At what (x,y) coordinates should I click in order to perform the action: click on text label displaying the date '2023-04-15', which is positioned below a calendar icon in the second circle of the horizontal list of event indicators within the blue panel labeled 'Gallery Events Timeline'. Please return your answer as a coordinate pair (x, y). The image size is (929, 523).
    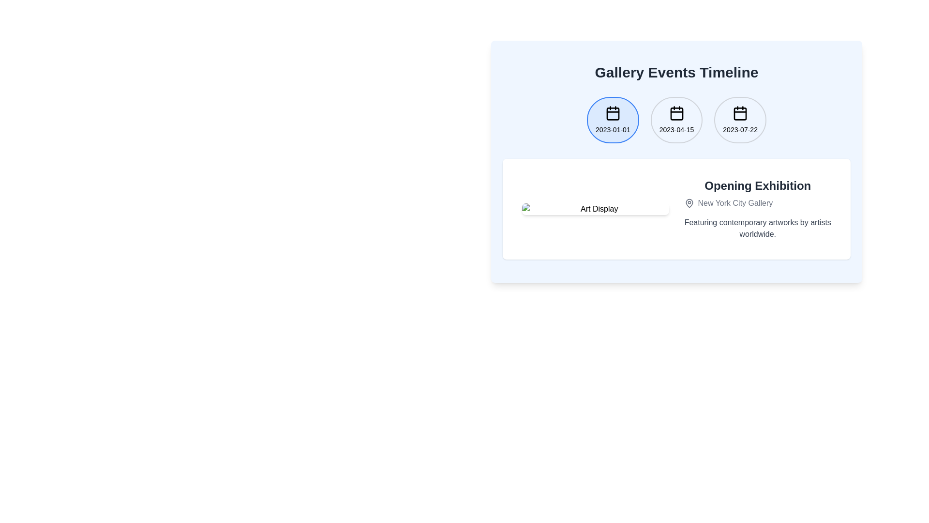
    Looking at the image, I should click on (676, 129).